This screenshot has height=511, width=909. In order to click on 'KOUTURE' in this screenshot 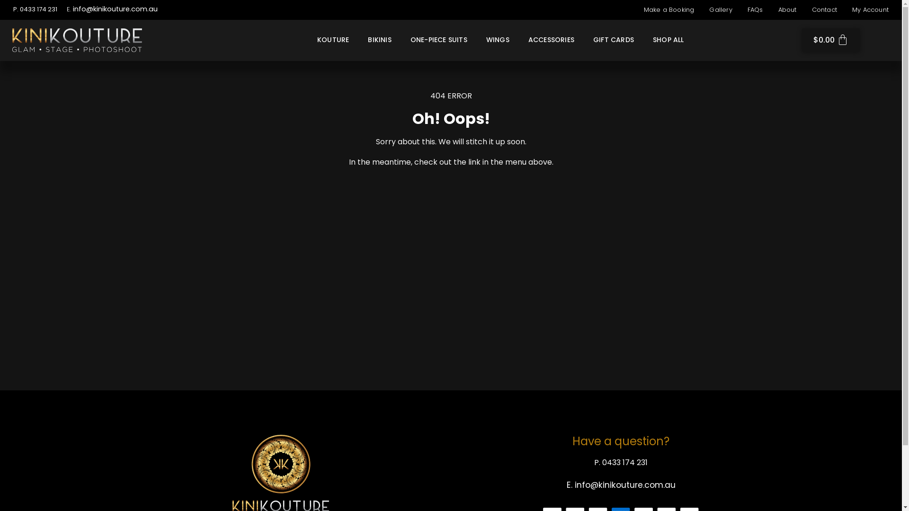, I will do `click(333, 39)`.